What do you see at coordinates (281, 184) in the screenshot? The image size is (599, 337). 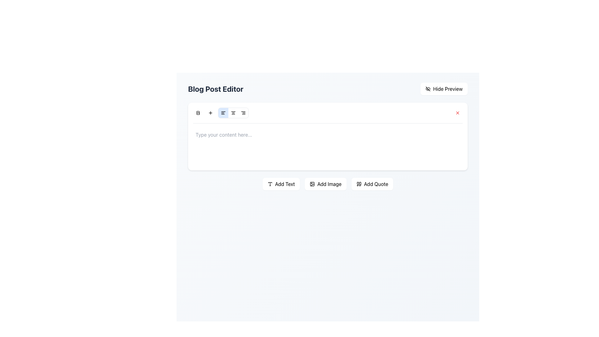 I see `the 'Add Text' button` at bounding box center [281, 184].